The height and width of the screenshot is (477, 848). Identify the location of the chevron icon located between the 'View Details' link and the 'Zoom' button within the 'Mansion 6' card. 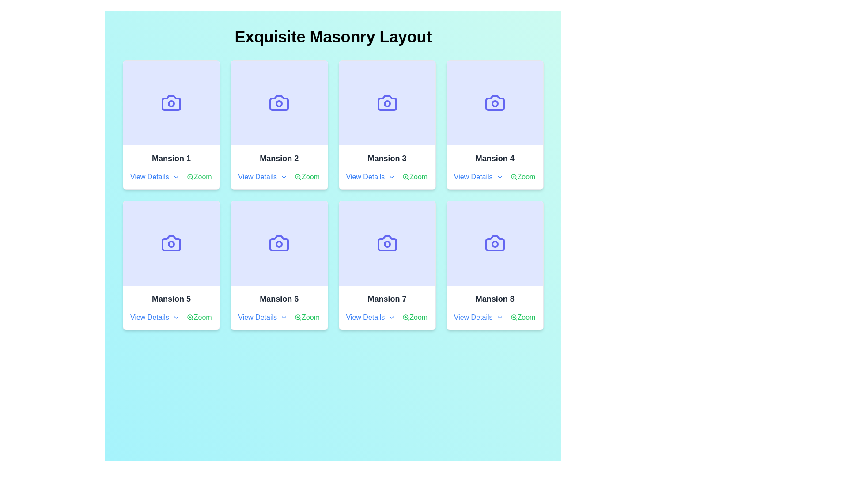
(279, 317).